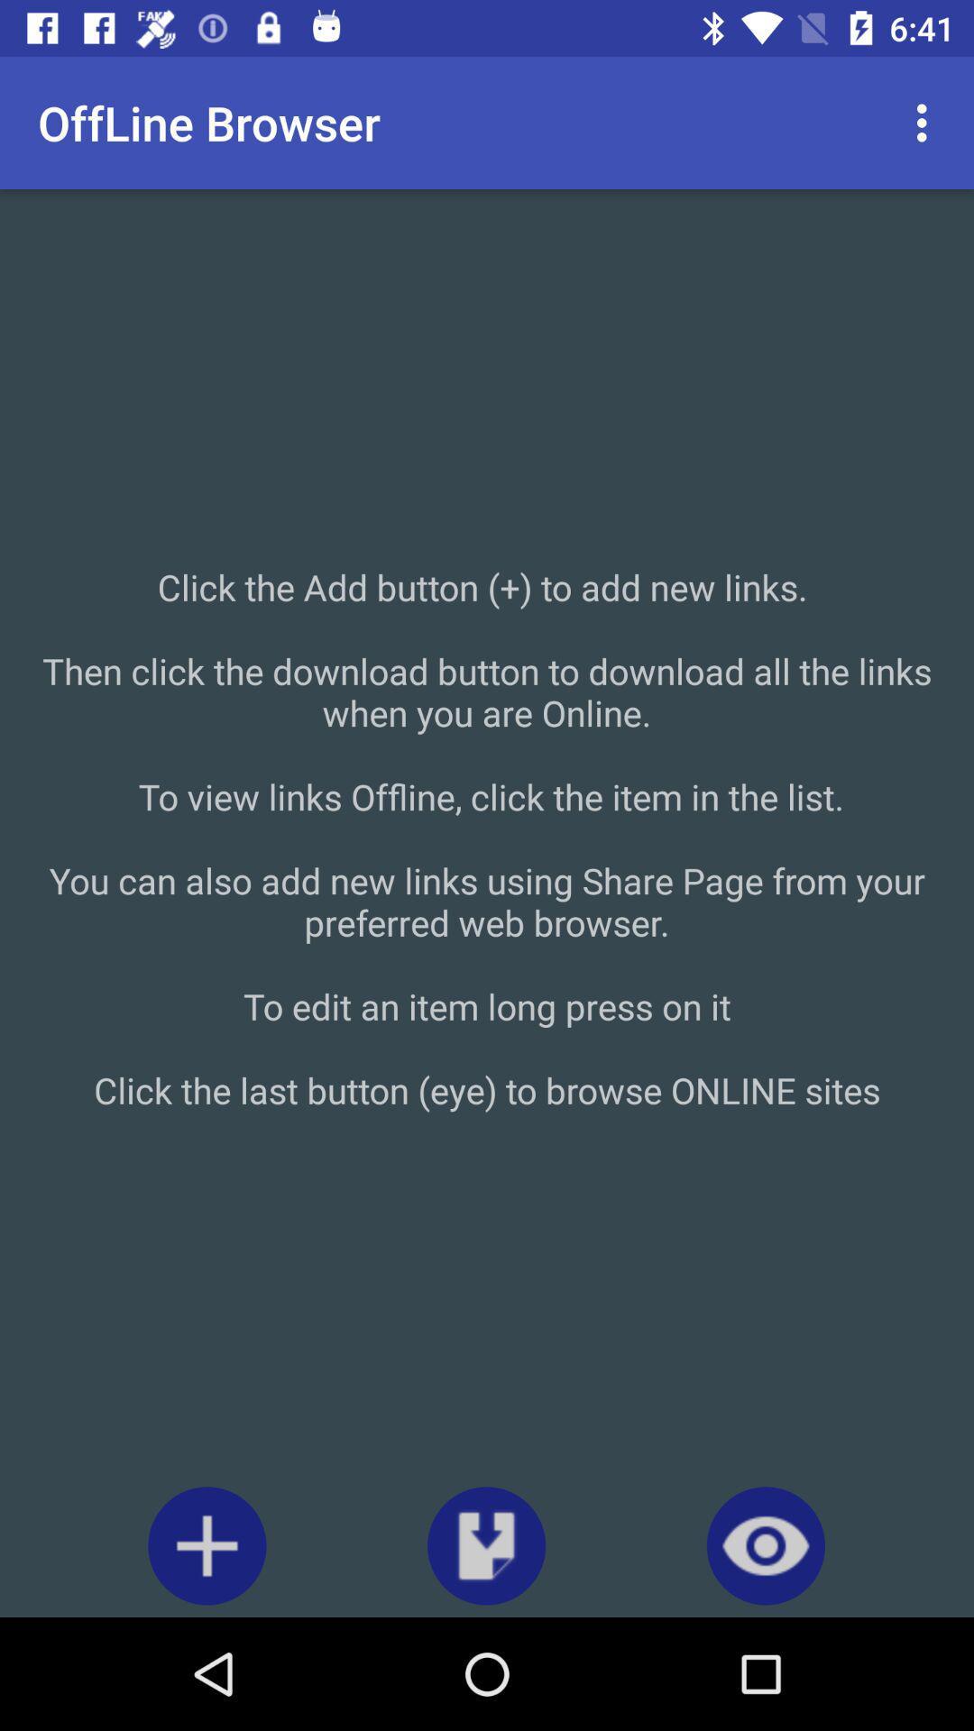 Image resolution: width=974 pixels, height=1731 pixels. What do you see at coordinates (766, 1544) in the screenshot?
I see `app below the click the add` at bounding box center [766, 1544].